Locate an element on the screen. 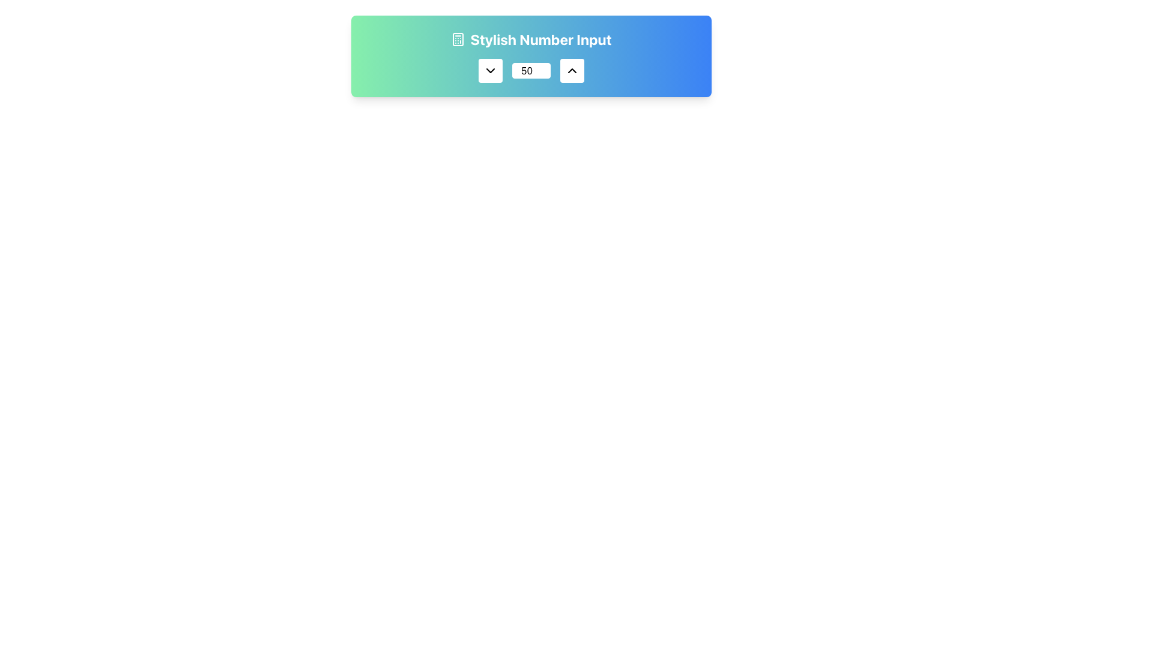  the rightmost square button with a white background and a black upward-pointing chevron icon is located at coordinates (572, 71).